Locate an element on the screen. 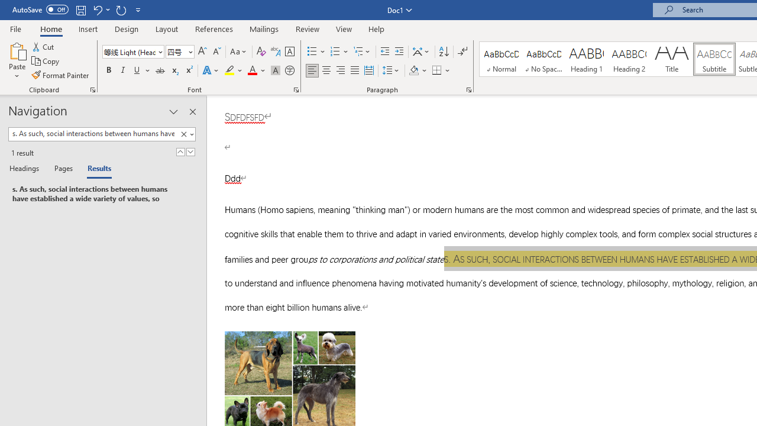 This screenshot has width=757, height=426. 'Text Effects and Typography' is located at coordinates (211, 70).